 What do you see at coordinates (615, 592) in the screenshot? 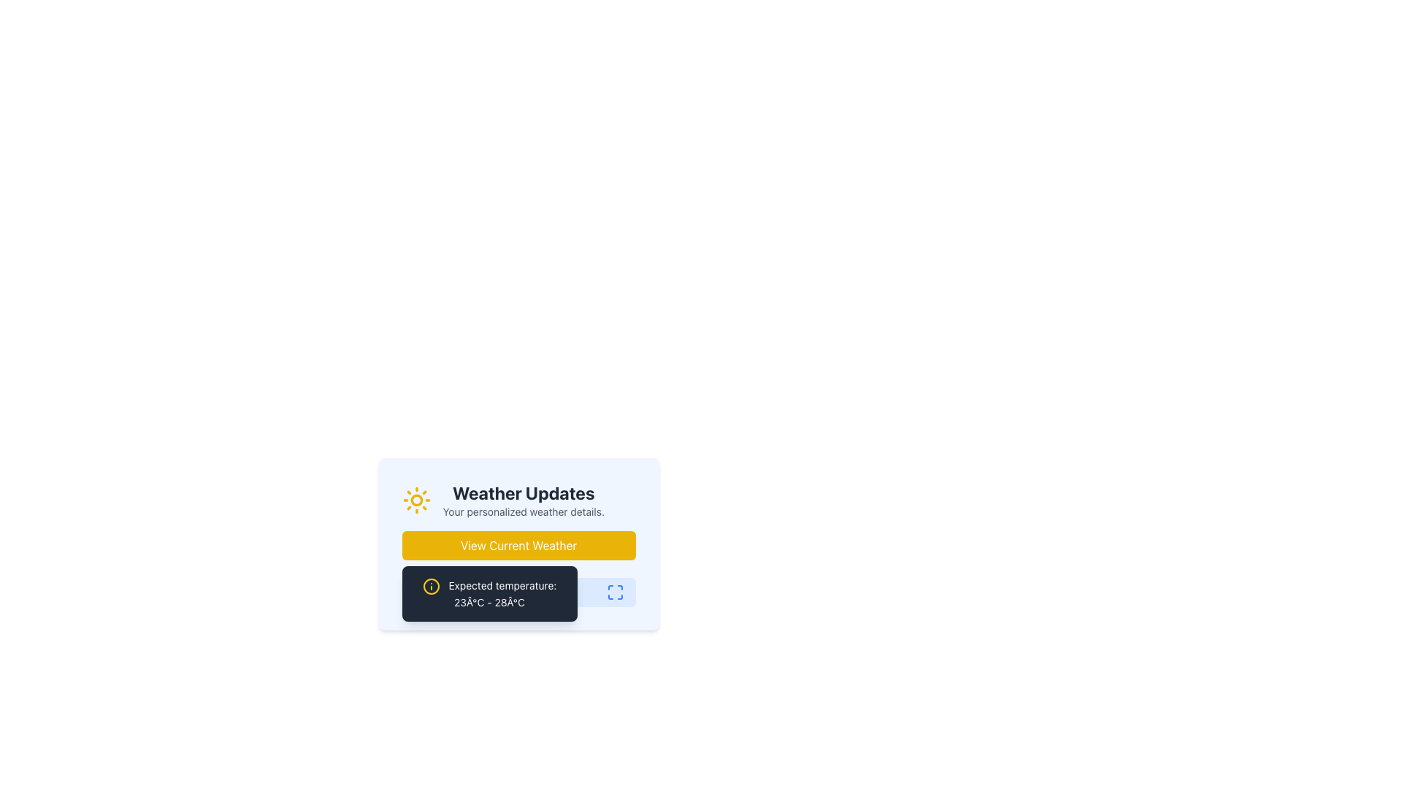
I see `the blue square icon with a thin-lined maximize icon on the right-hand side of the 'Show 7-Day Forecast' button` at bounding box center [615, 592].